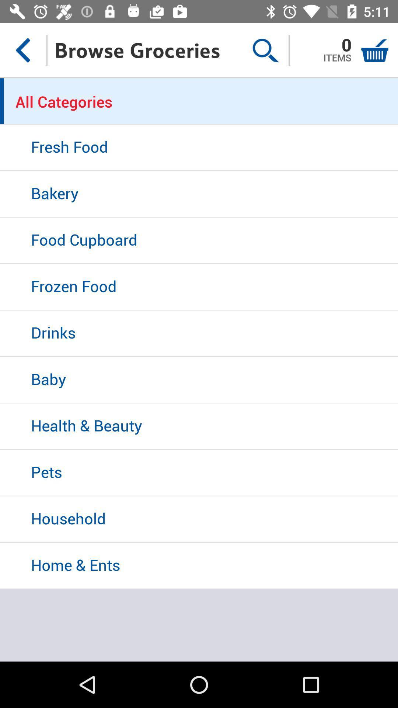  Describe the element at coordinates (199, 566) in the screenshot. I see `icon below household` at that location.